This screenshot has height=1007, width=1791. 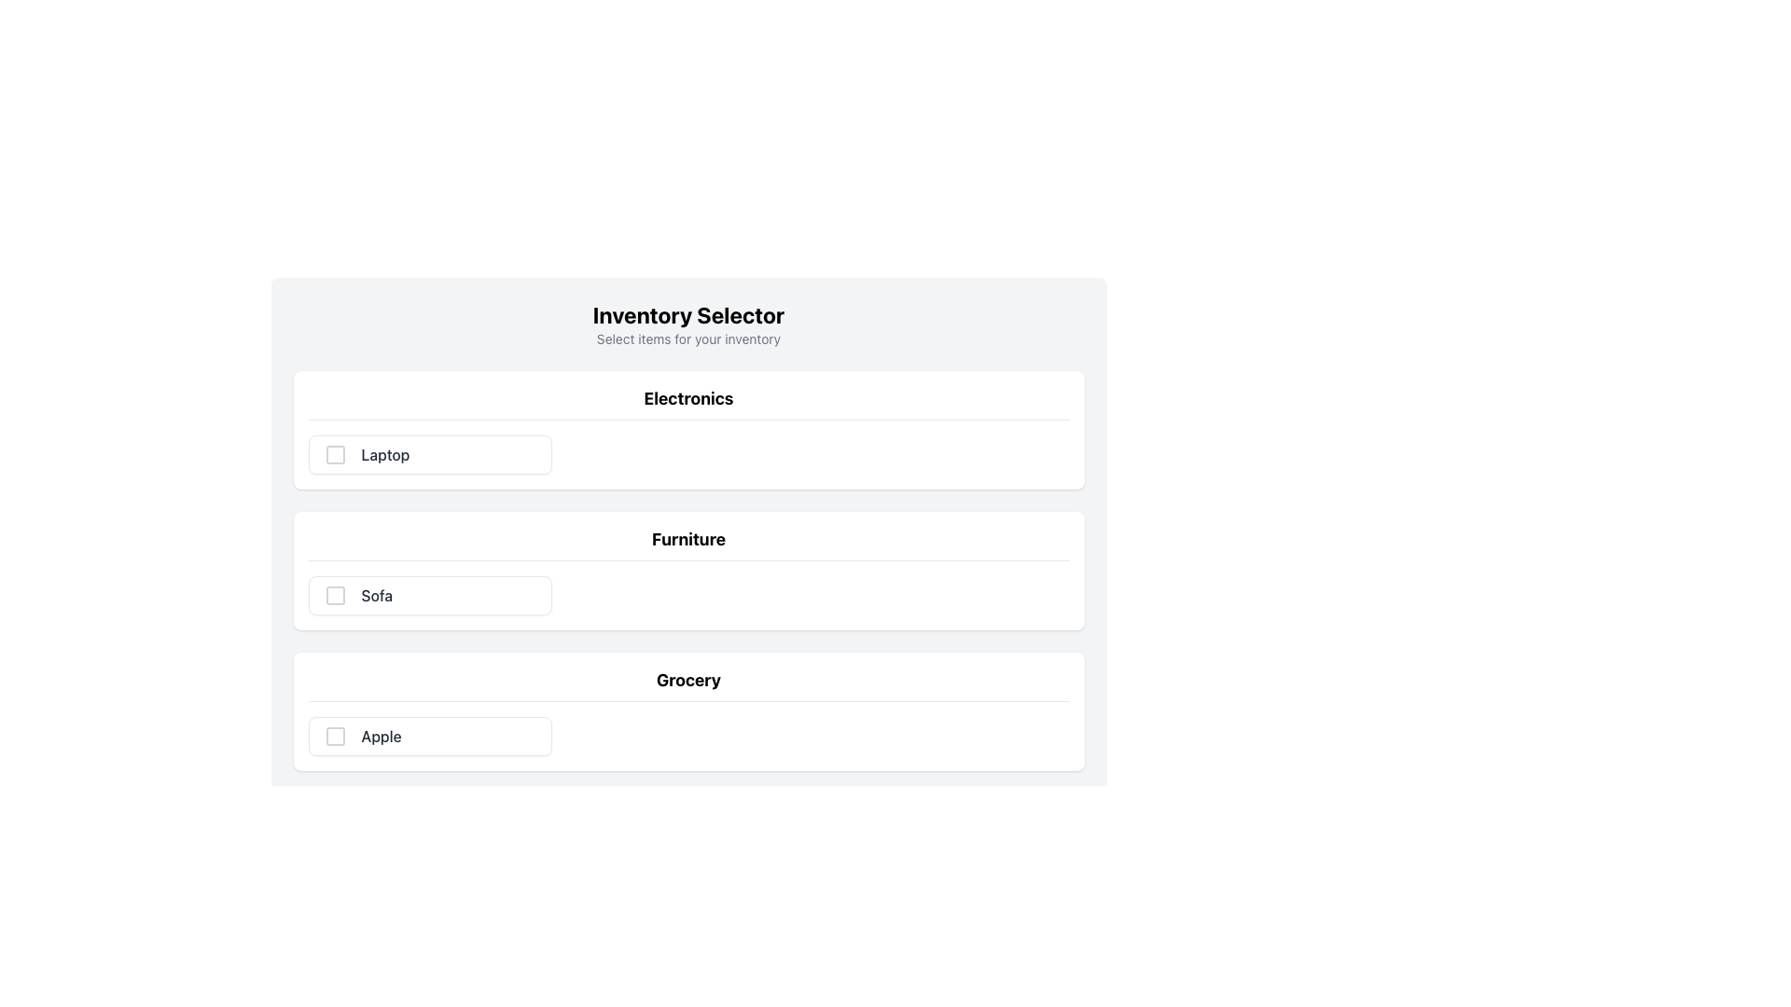 What do you see at coordinates (335, 736) in the screenshot?
I see `the checkbox located to the left of the text 'Apple' in the Grocery section to mark it as selected` at bounding box center [335, 736].